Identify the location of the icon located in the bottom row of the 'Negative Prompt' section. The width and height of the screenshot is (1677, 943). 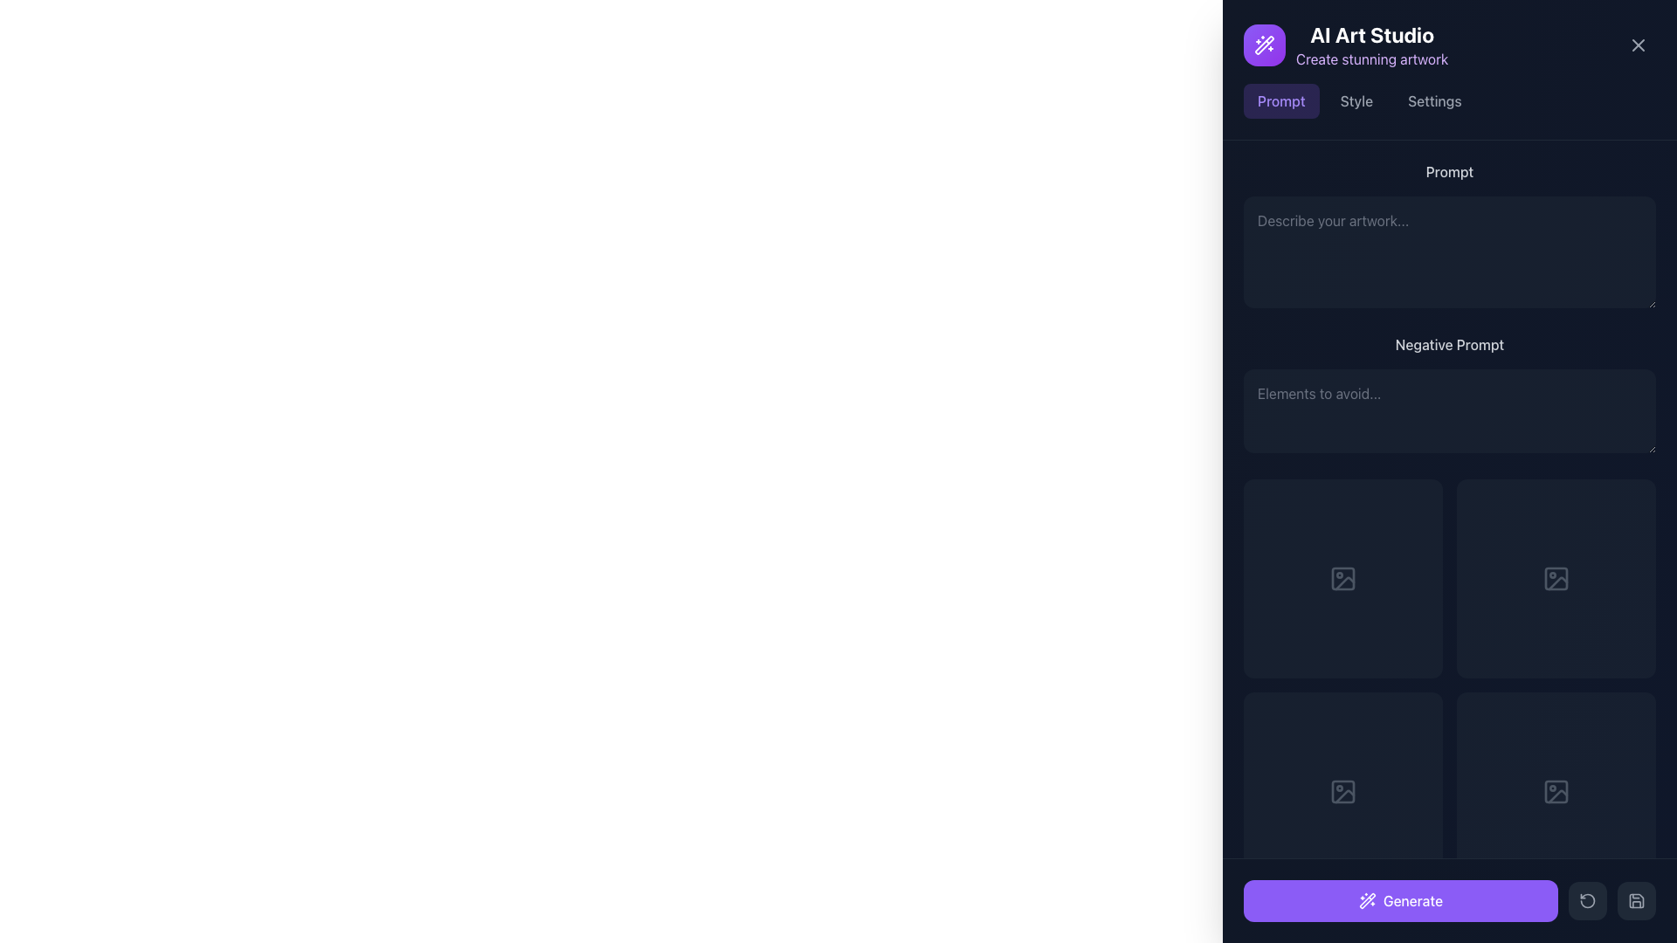
(1556, 579).